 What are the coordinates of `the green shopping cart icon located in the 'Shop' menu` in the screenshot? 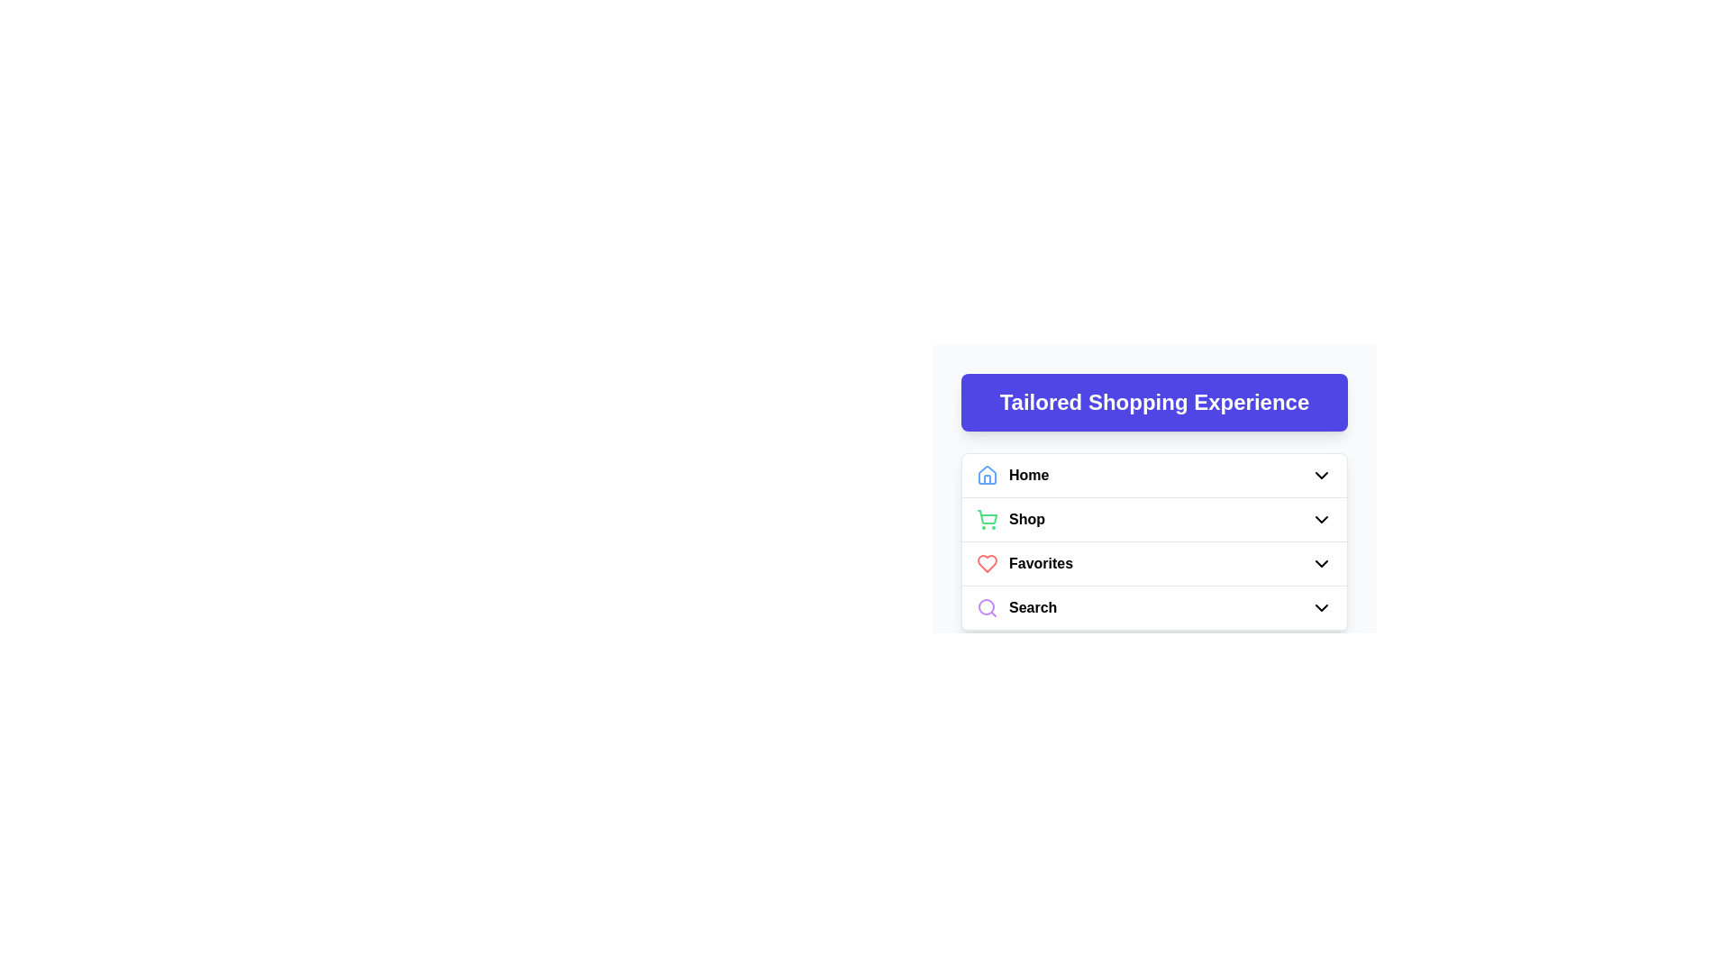 It's located at (987, 517).